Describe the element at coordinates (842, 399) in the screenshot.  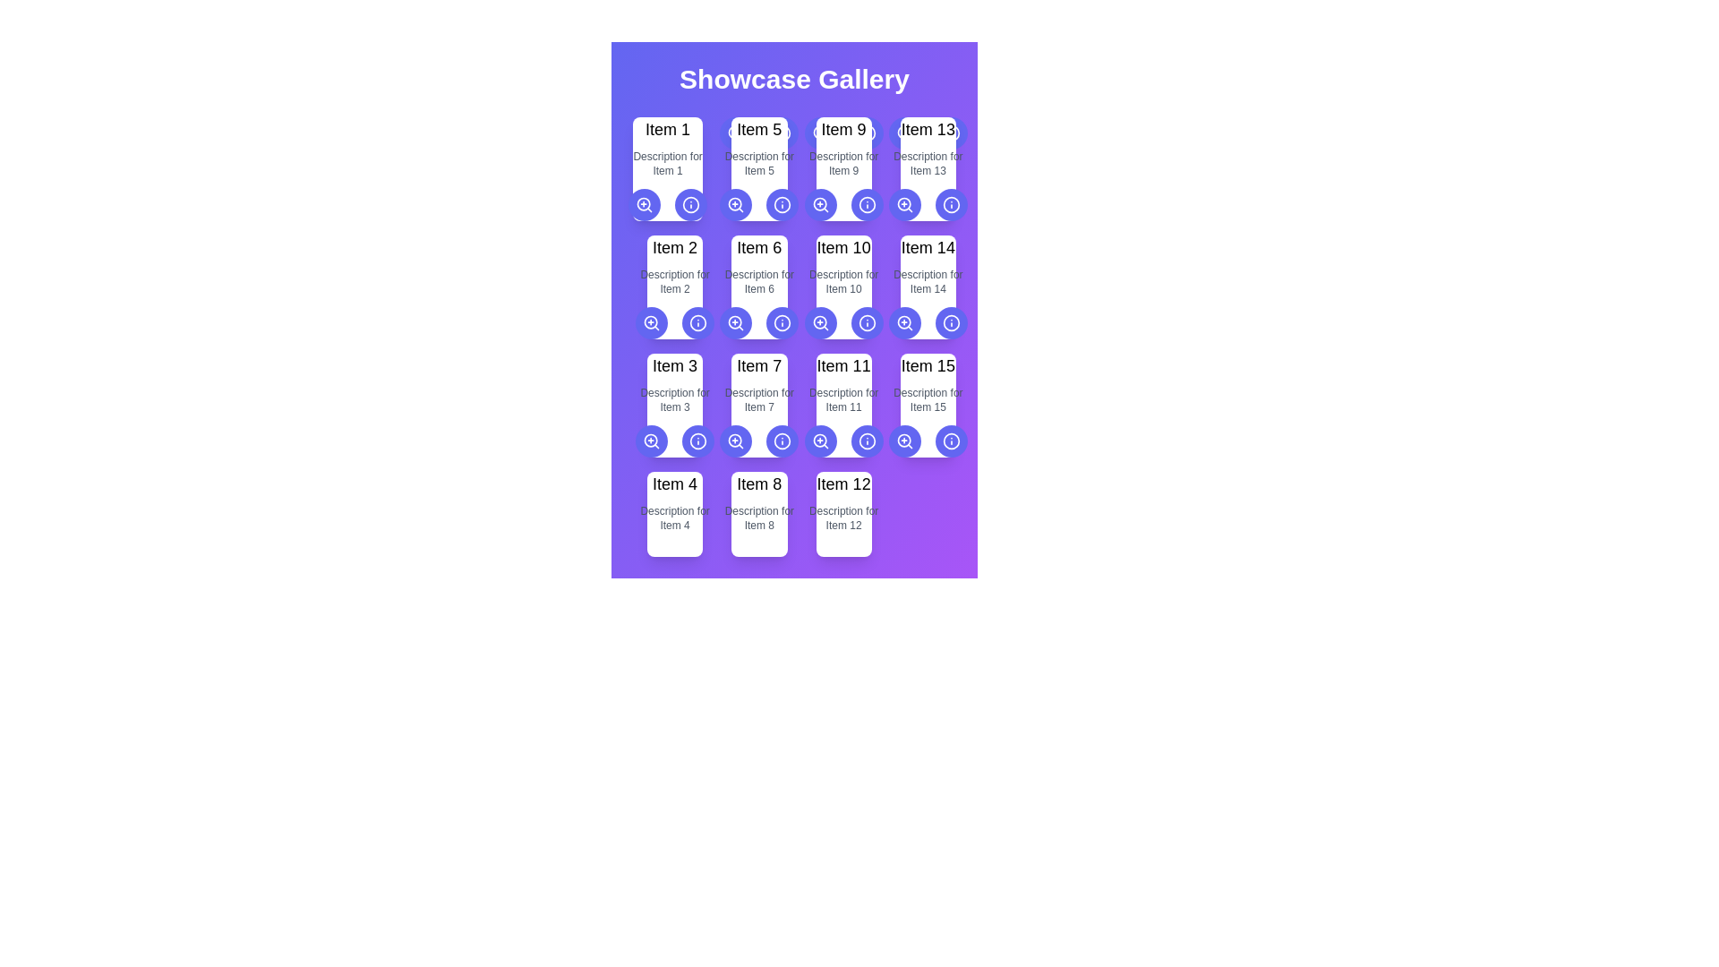
I see `the text label displaying 'Description for Item 11', which is styled in gray color and located within the card of 'Item 11'` at that location.